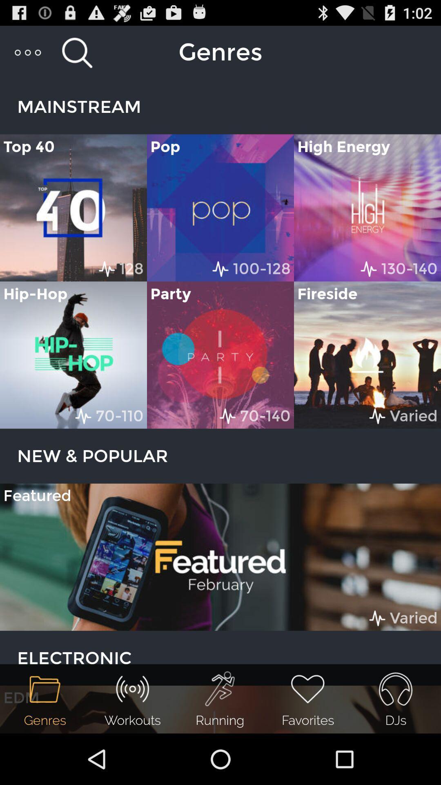 Image resolution: width=441 pixels, height=785 pixels. I want to click on the icon above of genres, so click(45, 689).